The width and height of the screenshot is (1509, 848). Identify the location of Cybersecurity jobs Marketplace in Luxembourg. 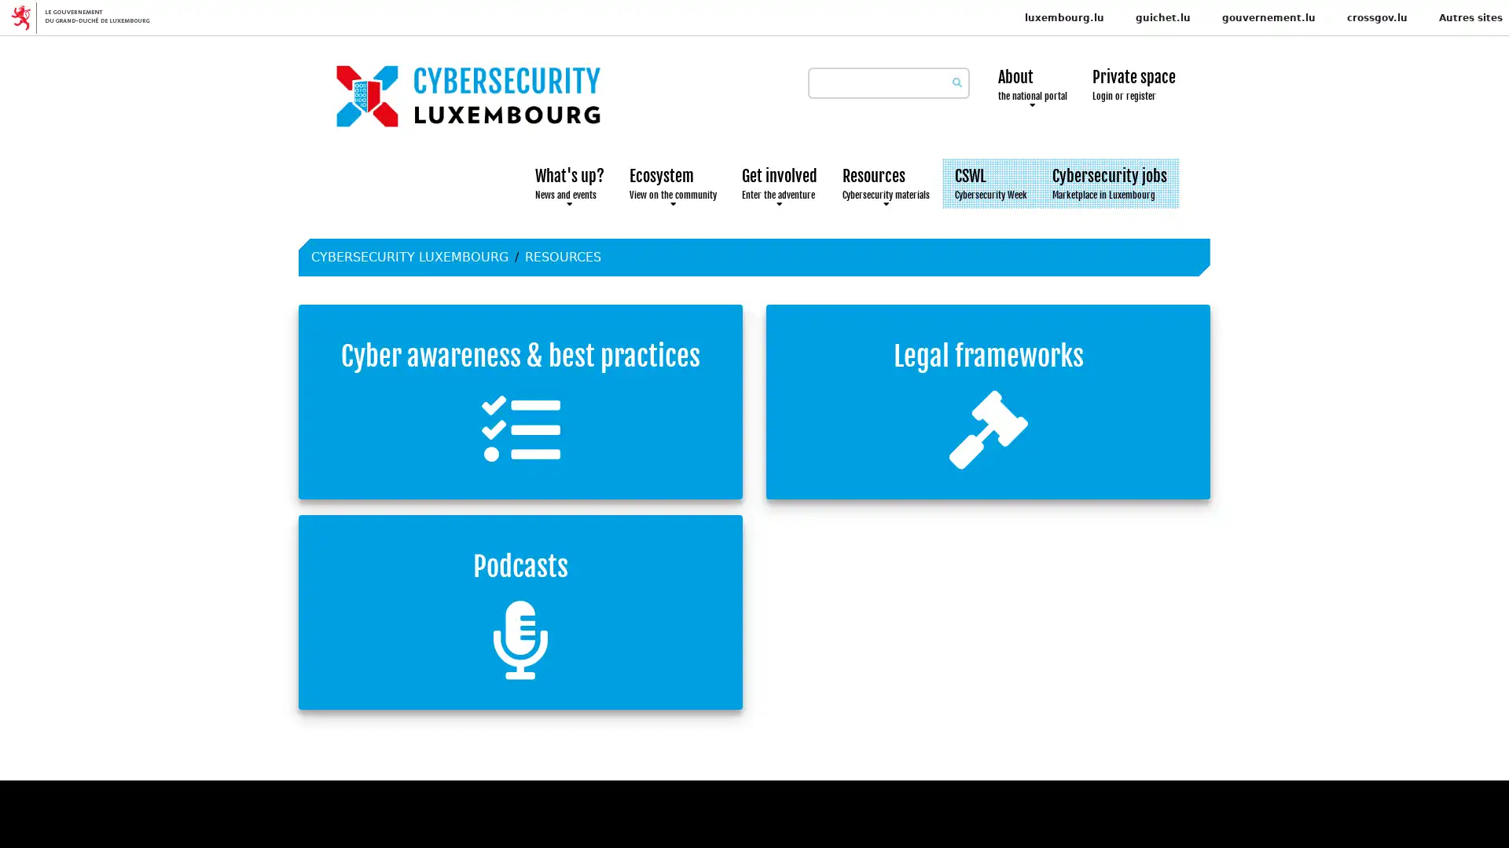
(1108, 183).